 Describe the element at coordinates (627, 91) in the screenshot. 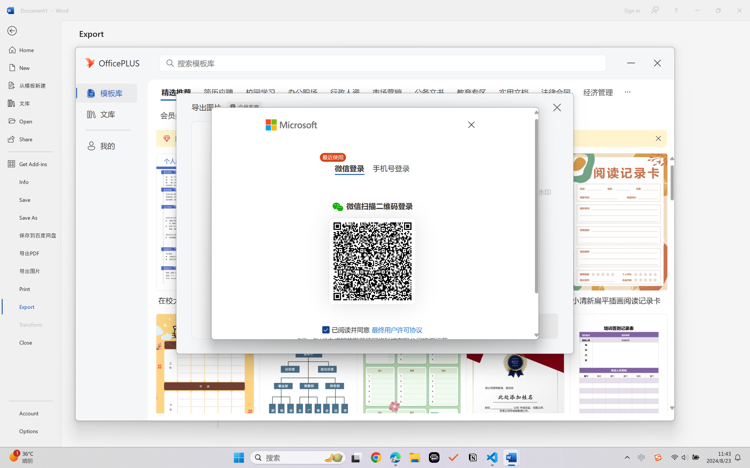

I see `'5 more tabs'` at that location.